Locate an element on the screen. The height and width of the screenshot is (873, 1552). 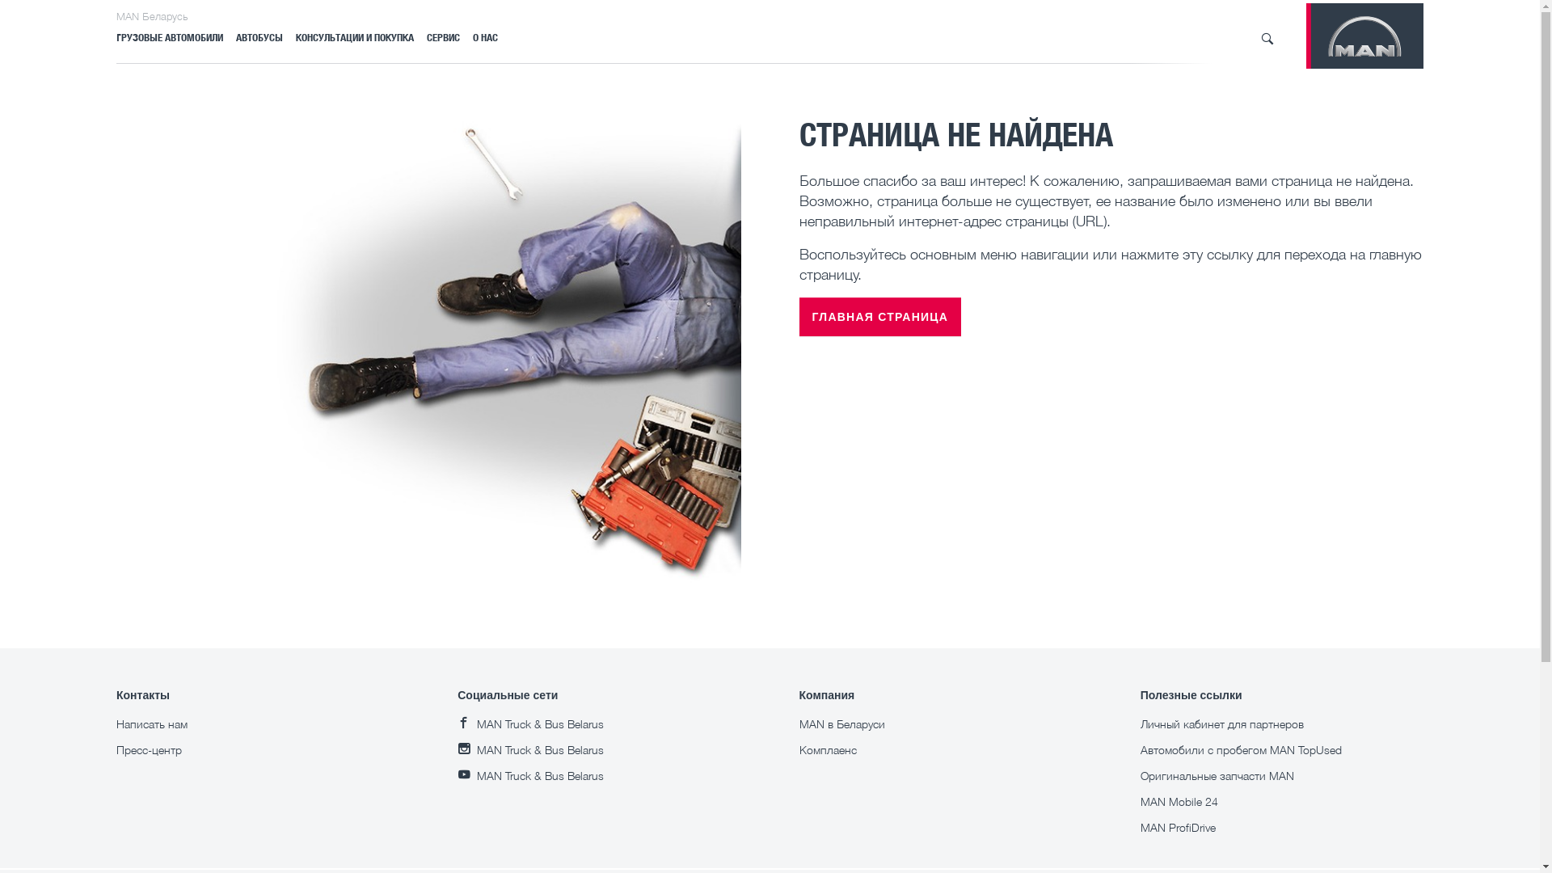
'MAN Truck & Bus Belarus' is located at coordinates (530, 749).